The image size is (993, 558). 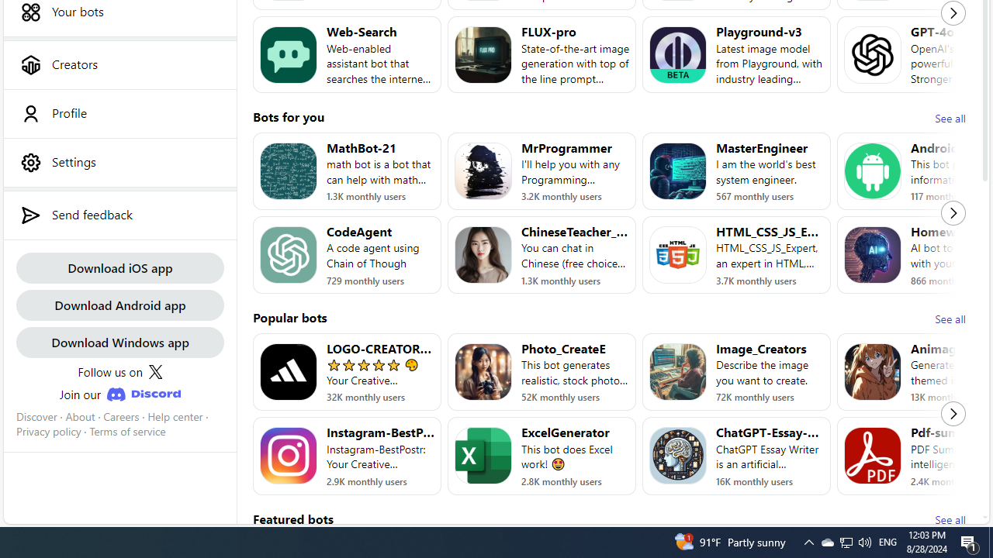 What do you see at coordinates (143, 394) in the screenshot?
I see `'Class: JoinDiscordLink_discordIcon__Xw13A'` at bounding box center [143, 394].